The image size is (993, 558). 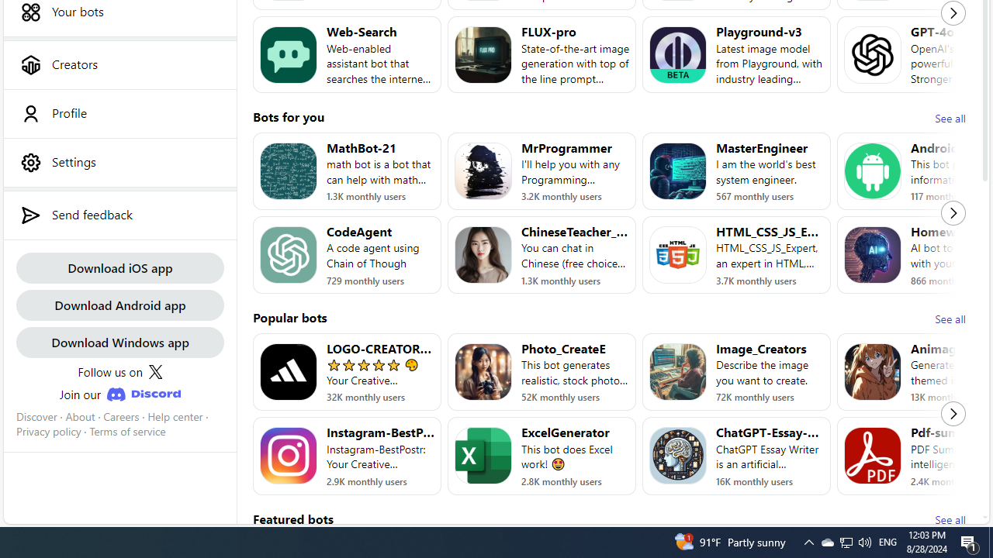 What do you see at coordinates (143, 394) in the screenshot?
I see `'Class: JoinDiscordLink_discordIcon__Xw13A'` at bounding box center [143, 394].